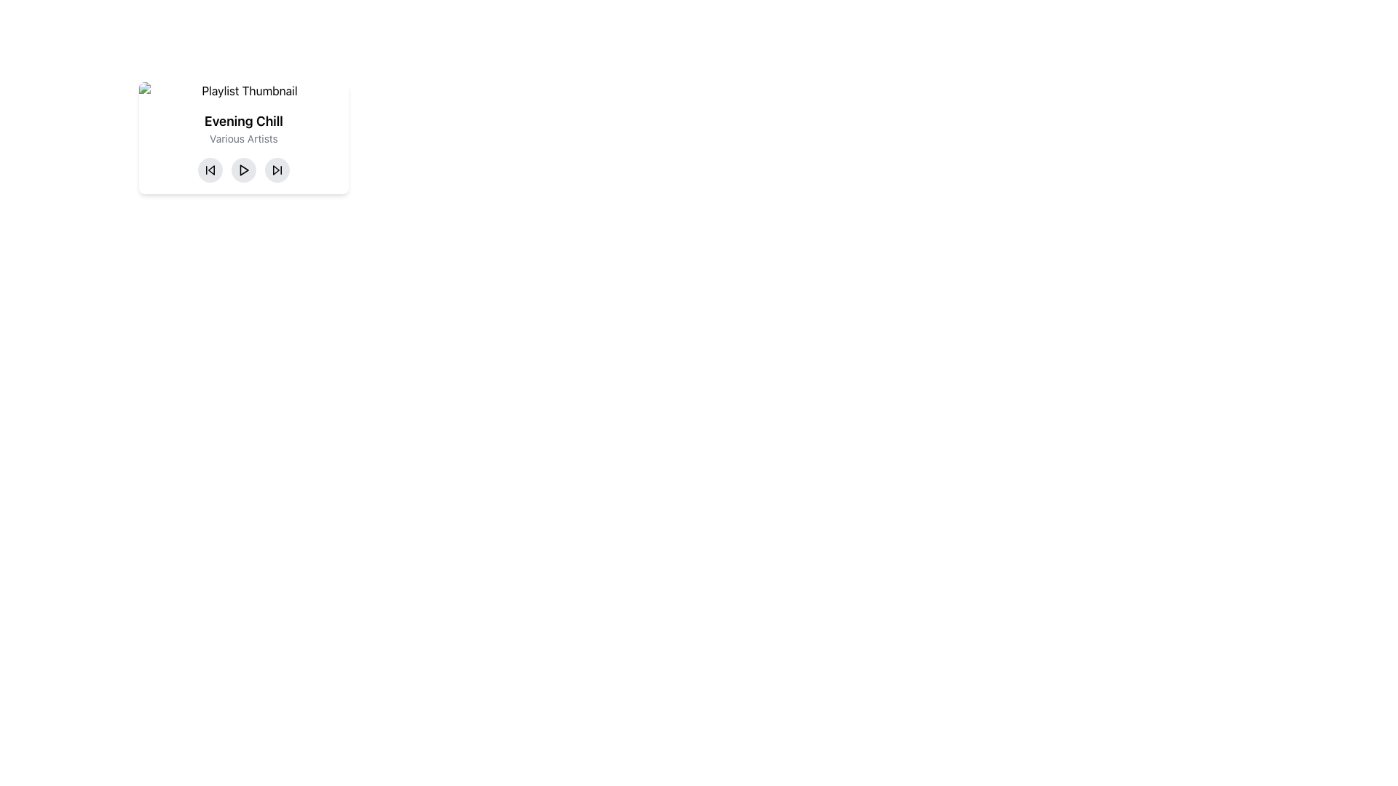 The width and height of the screenshot is (1398, 786). Describe the element at coordinates (209, 170) in the screenshot. I see `the 'Skip Backward' button located in the music playlist section, which is the first button from the left in the button group` at that location.